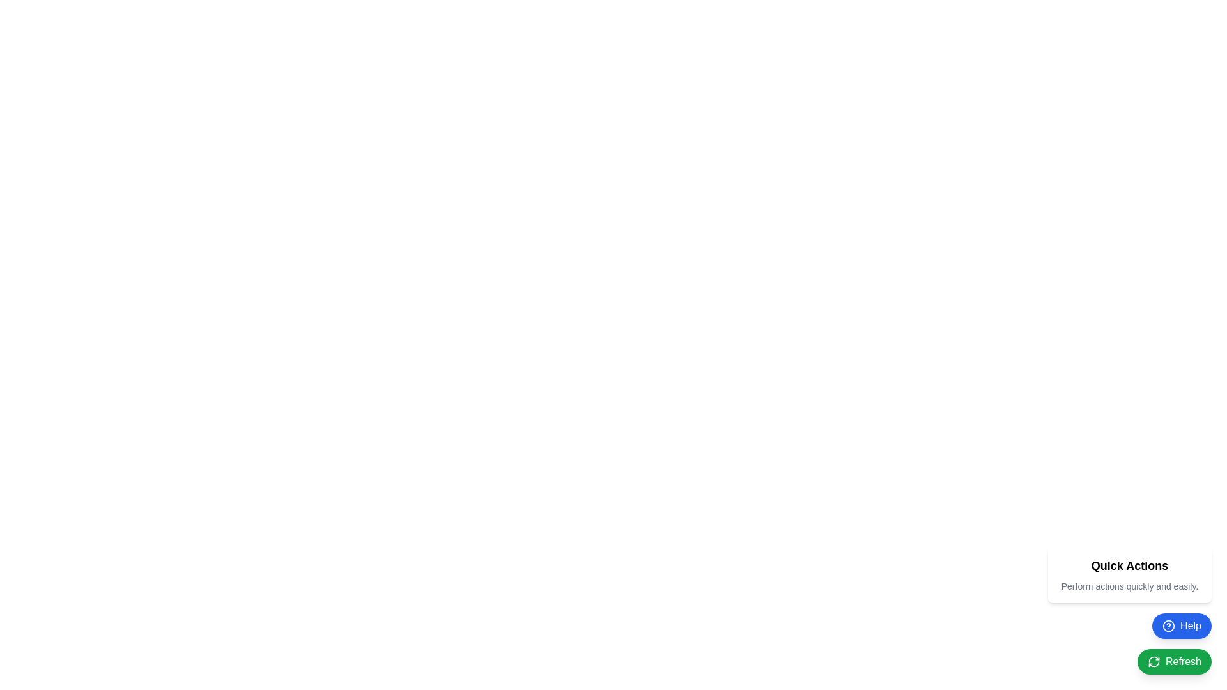 The image size is (1227, 690). Describe the element at coordinates (1169, 625) in the screenshot. I see `the circular SVG graphical element representing a decorative icon located adjacent to the 'Help' button` at that location.